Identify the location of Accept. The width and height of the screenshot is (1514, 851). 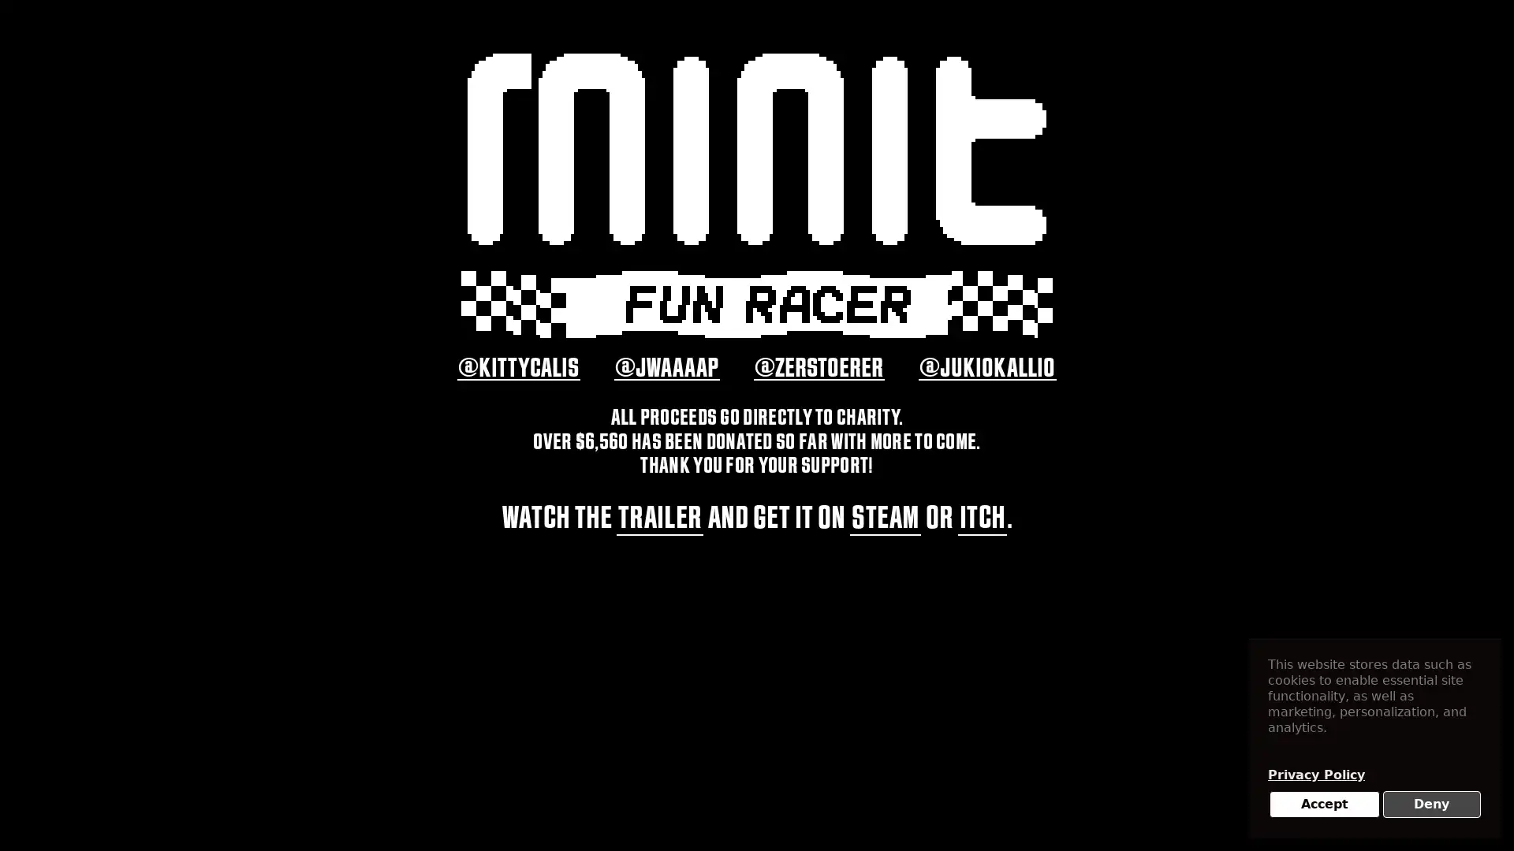
(1324, 805).